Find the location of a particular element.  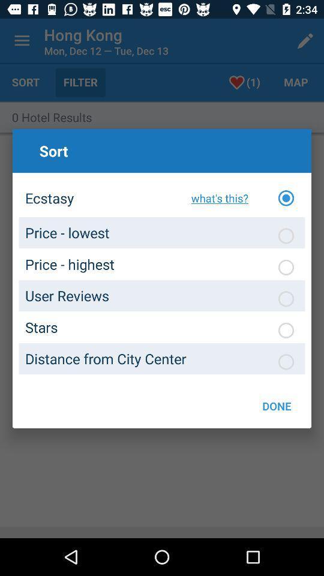

the item to the right of ecstasy icon is located at coordinates (216, 198).